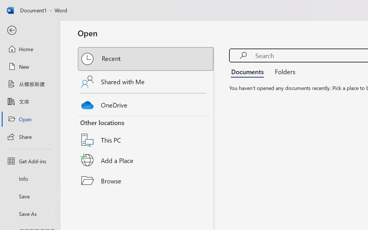 The height and width of the screenshot is (230, 368). I want to click on 'Documents', so click(249, 71).